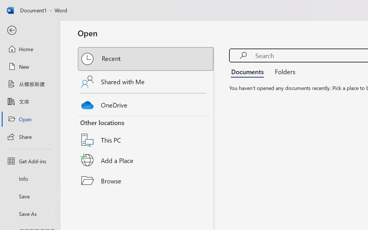 The height and width of the screenshot is (230, 368). I want to click on 'Documents', so click(249, 71).